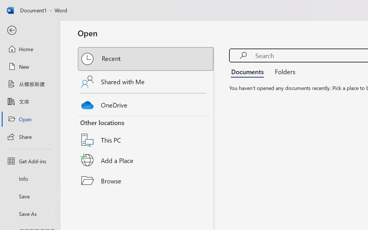 The height and width of the screenshot is (230, 368). I want to click on 'Documents', so click(249, 71).